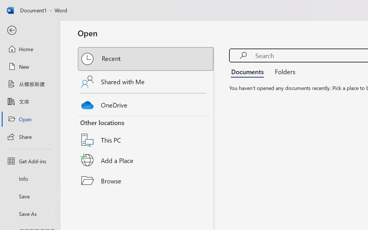 The height and width of the screenshot is (230, 368). I want to click on 'Documents', so click(249, 71).